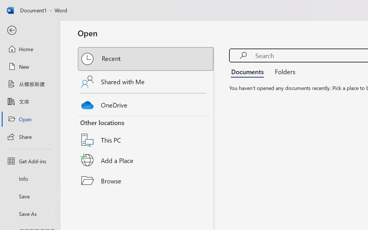 The height and width of the screenshot is (230, 368). I want to click on 'Documents', so click(249, 71).